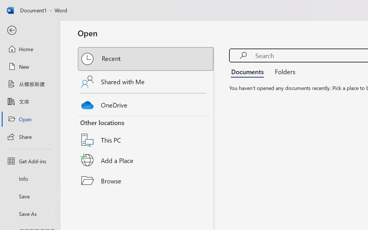 The height and width of the screenshot is (230, 368). I want to click on 'Documents', so click(249, 71).